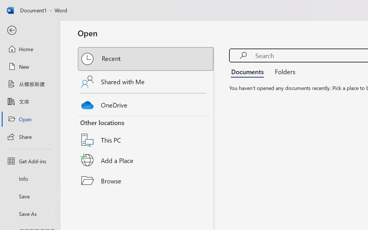 The height and width of the screenshot is (230, 368). I want to click on 'Documents', so click(249, 71).